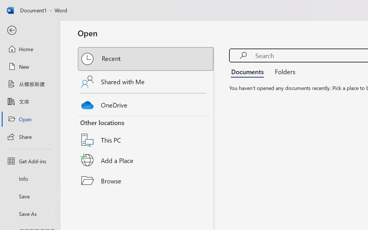 The height and width of the screenshot is (230, 368). I want to click on 'Documents', so click(249, 71).